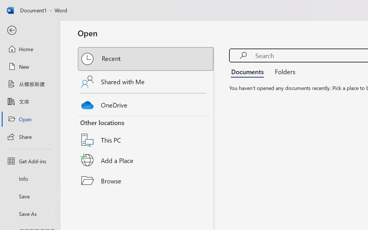 The height and width of the screenshot is (230, 368). I want to click on 'Documents', so click(249, 71).